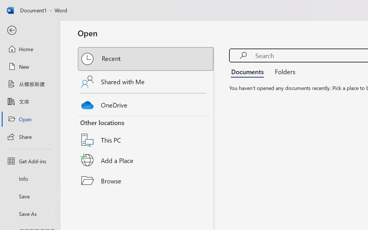 The height and width of the screenshot is (230, 368). I want to click on 'Documents', so click(249, 71).